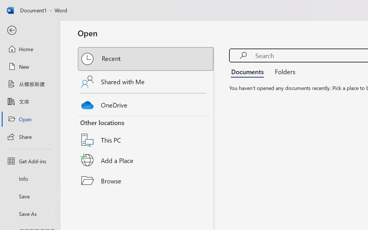 The height and width of the screenshot is (230, 368). I want to click on 'Documents', so click(249, 71).